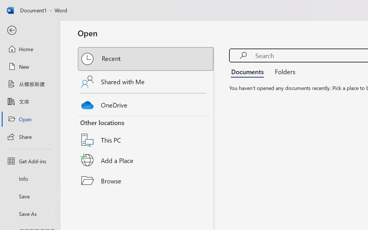 The height and width of the screenshot is (230, 368). I want to click on 'Documents', so click(249, 71).